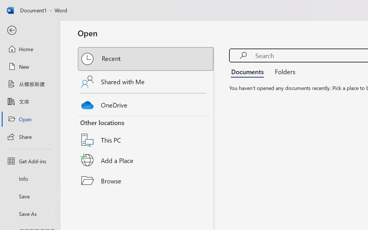 The height and width of the screenshot is (230, 368). I want to click on 'Documents', so click(249, 71).